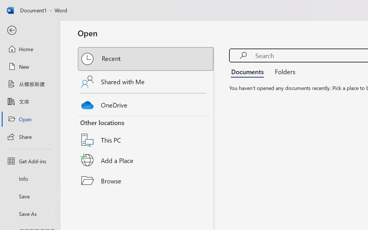 The height and width of the screenshot is (230, 368). I want to click on 'Documents', so click(249, 71).